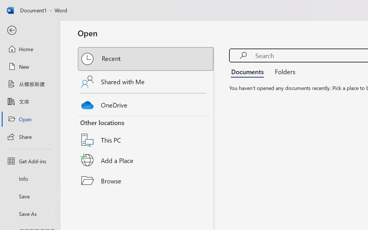 The height and width of the screenshot is (230, 368). I want to click on 'Documents', so click(249, 71).